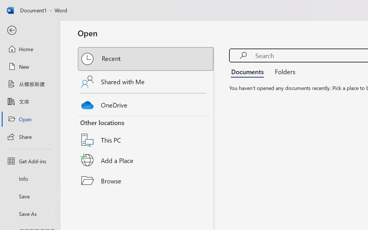 The height and width of the screenshot is (230, 368). I want to click on 'Documents', so click(249, 71).